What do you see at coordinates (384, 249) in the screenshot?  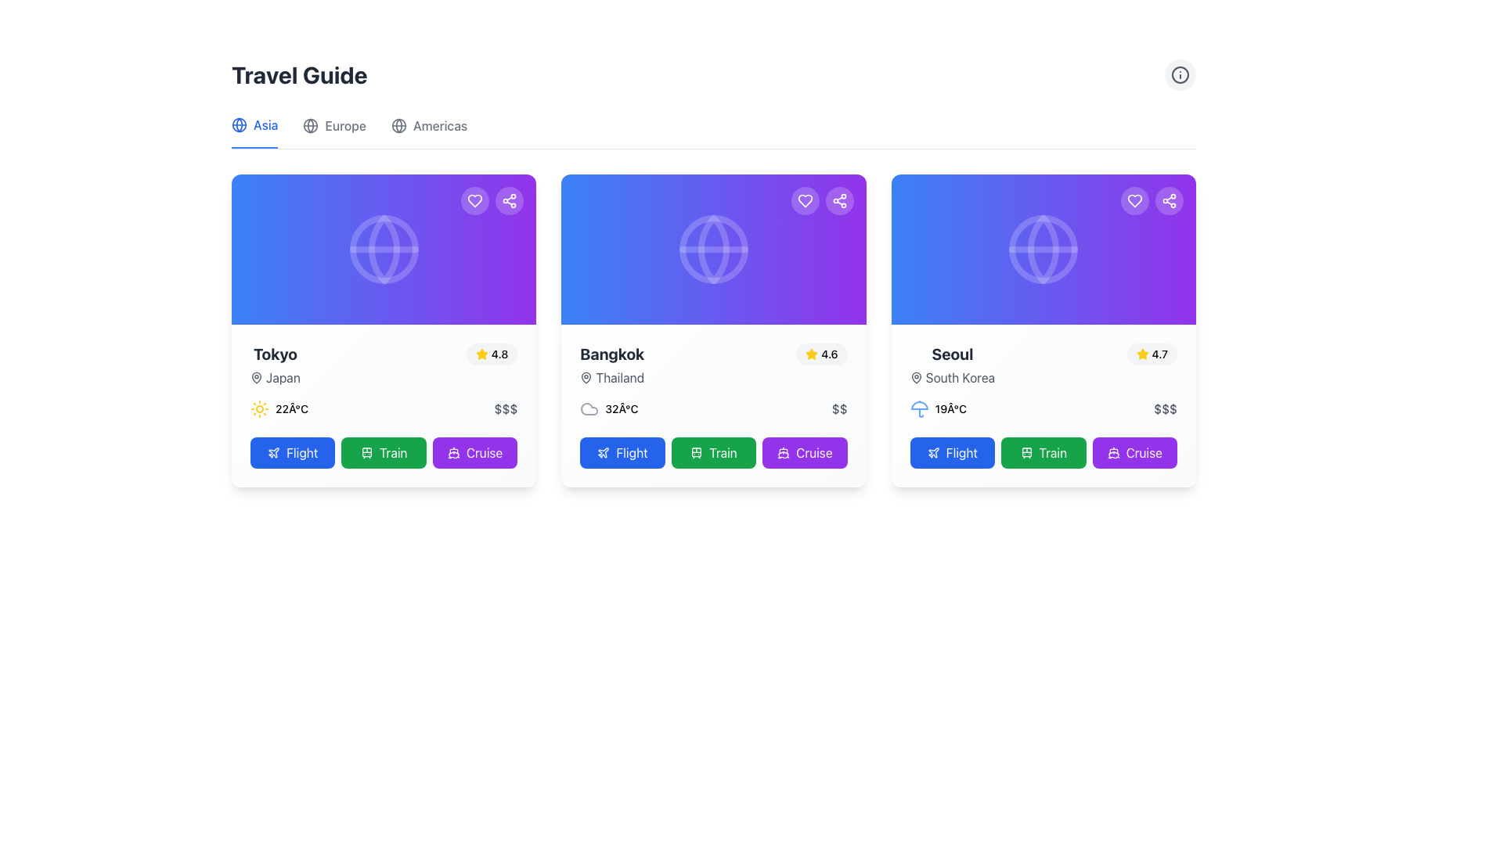 I see `the globe icon located at the center-top of the 'Tokyo' card, which features circular geometric lines against a gradient purple background` at bounding box center [384, 249].